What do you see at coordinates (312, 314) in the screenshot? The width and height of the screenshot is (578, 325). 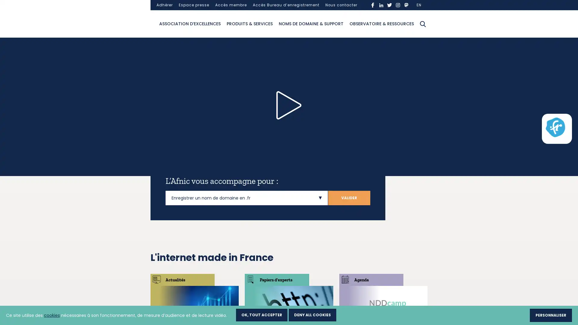 I see `DENY ALL COOKIES` at bounding box center [312, 314].